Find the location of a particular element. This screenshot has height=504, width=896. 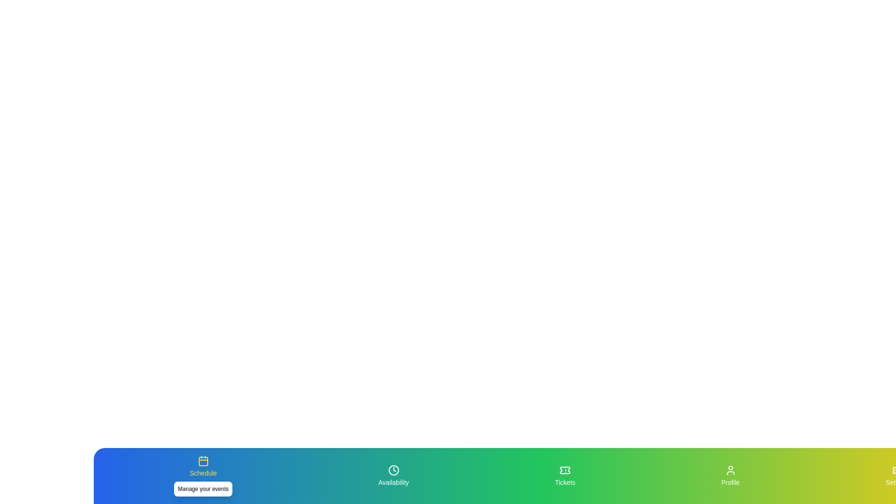

the Profile tab by clicking on its corresponding area is located at coordinates (730, 476).